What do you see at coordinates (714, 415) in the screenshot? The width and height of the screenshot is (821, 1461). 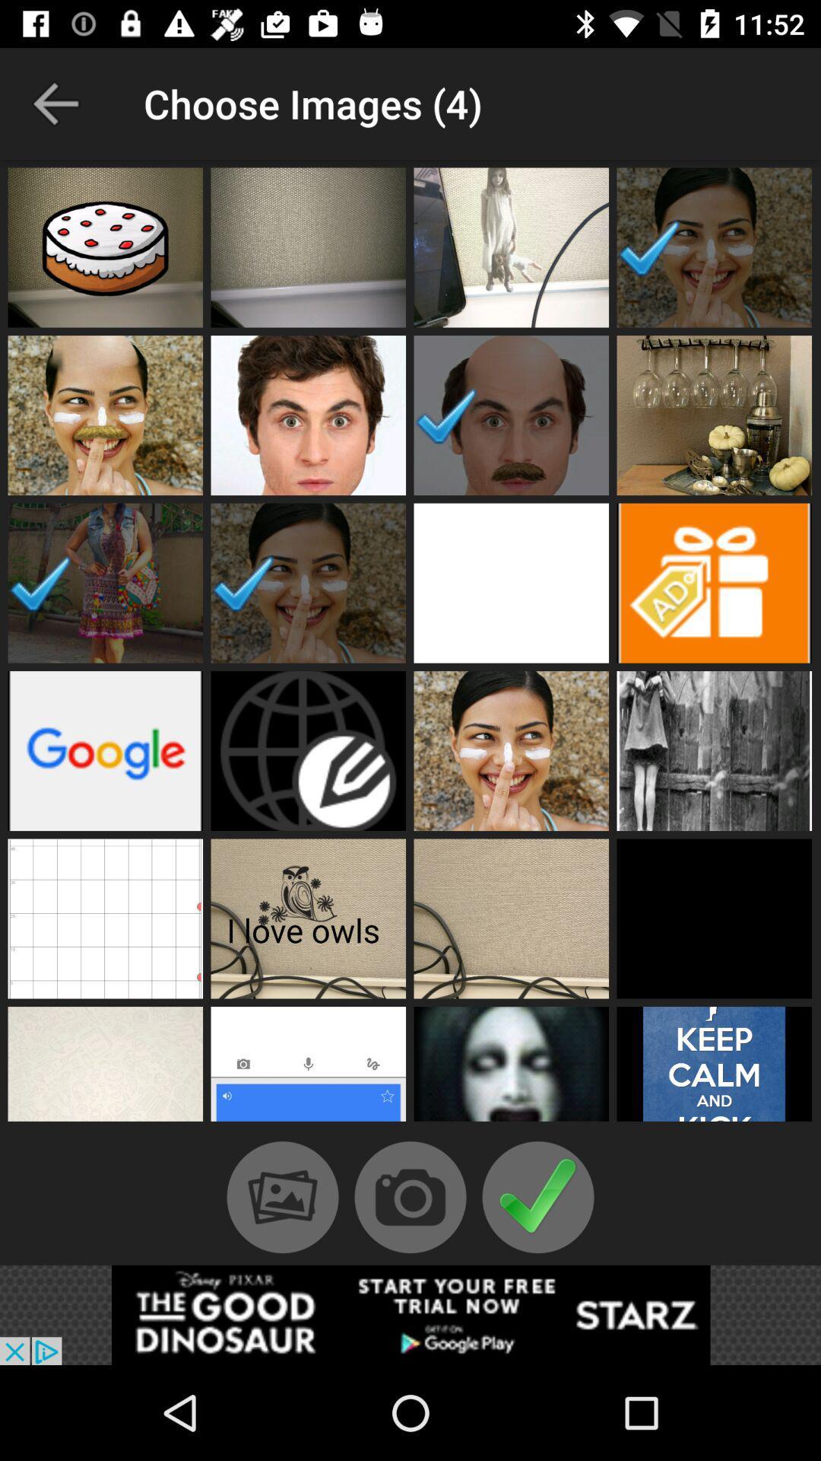 I see `choose image` at bounding box center [714, 415].